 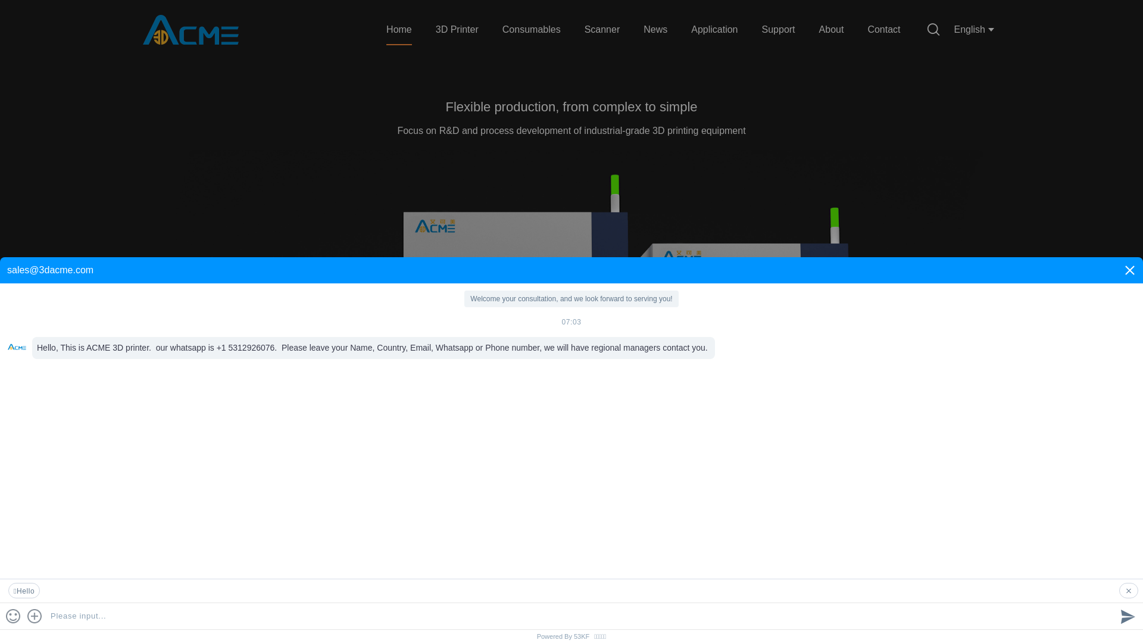 I want to click on 'Contact', so click(x=883, y=29).